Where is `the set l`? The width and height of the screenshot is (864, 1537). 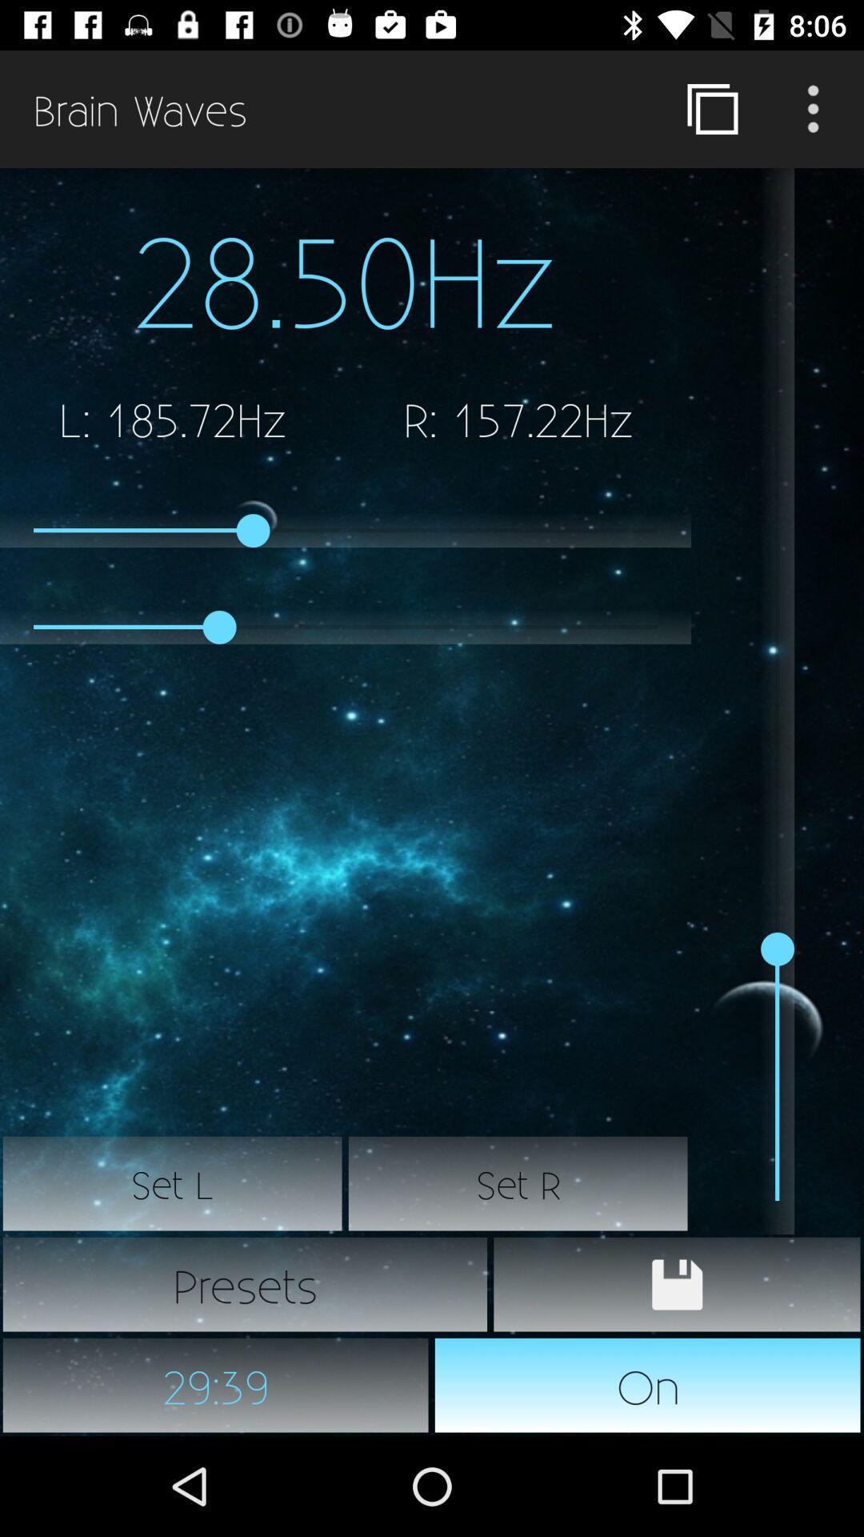
the set l is located at coordinates (173, 1183).